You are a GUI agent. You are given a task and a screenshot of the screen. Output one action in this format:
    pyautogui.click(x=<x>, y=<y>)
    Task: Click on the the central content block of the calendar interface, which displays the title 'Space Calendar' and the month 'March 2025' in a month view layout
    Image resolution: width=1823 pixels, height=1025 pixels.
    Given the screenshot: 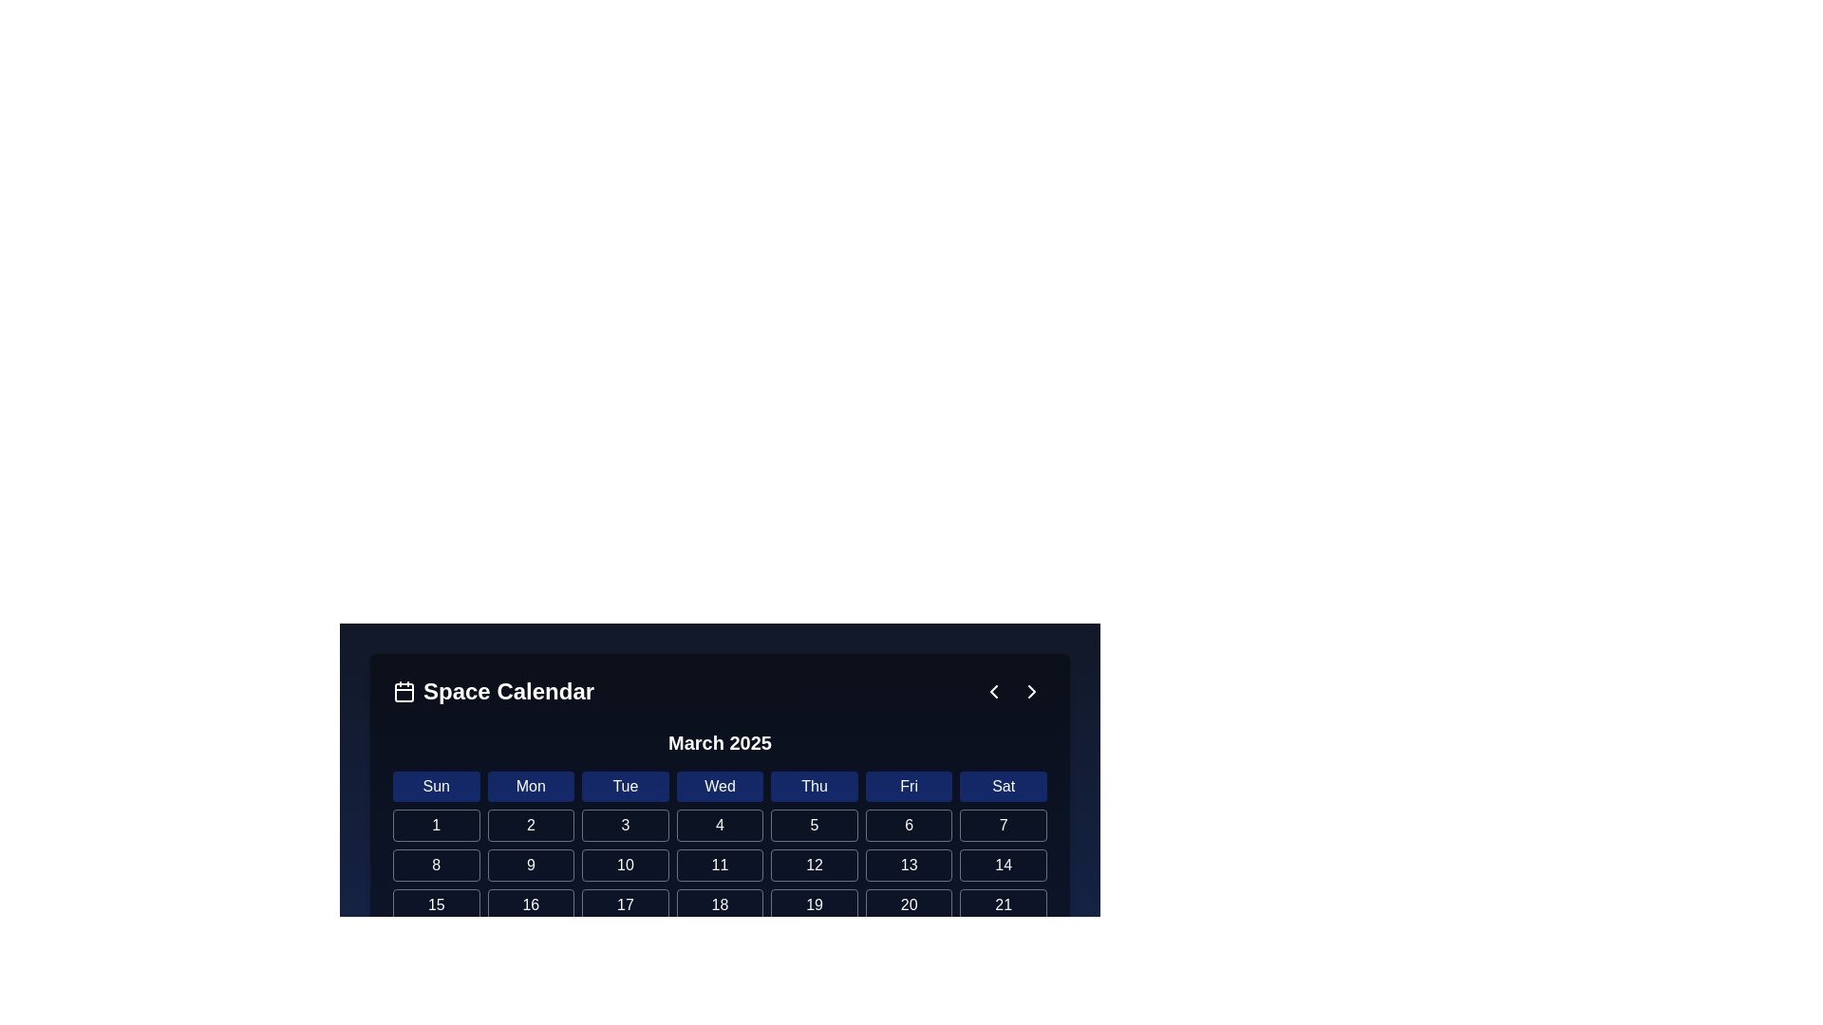 What is the action you would take?
    pyautogui.click(x=719, y=757)
    